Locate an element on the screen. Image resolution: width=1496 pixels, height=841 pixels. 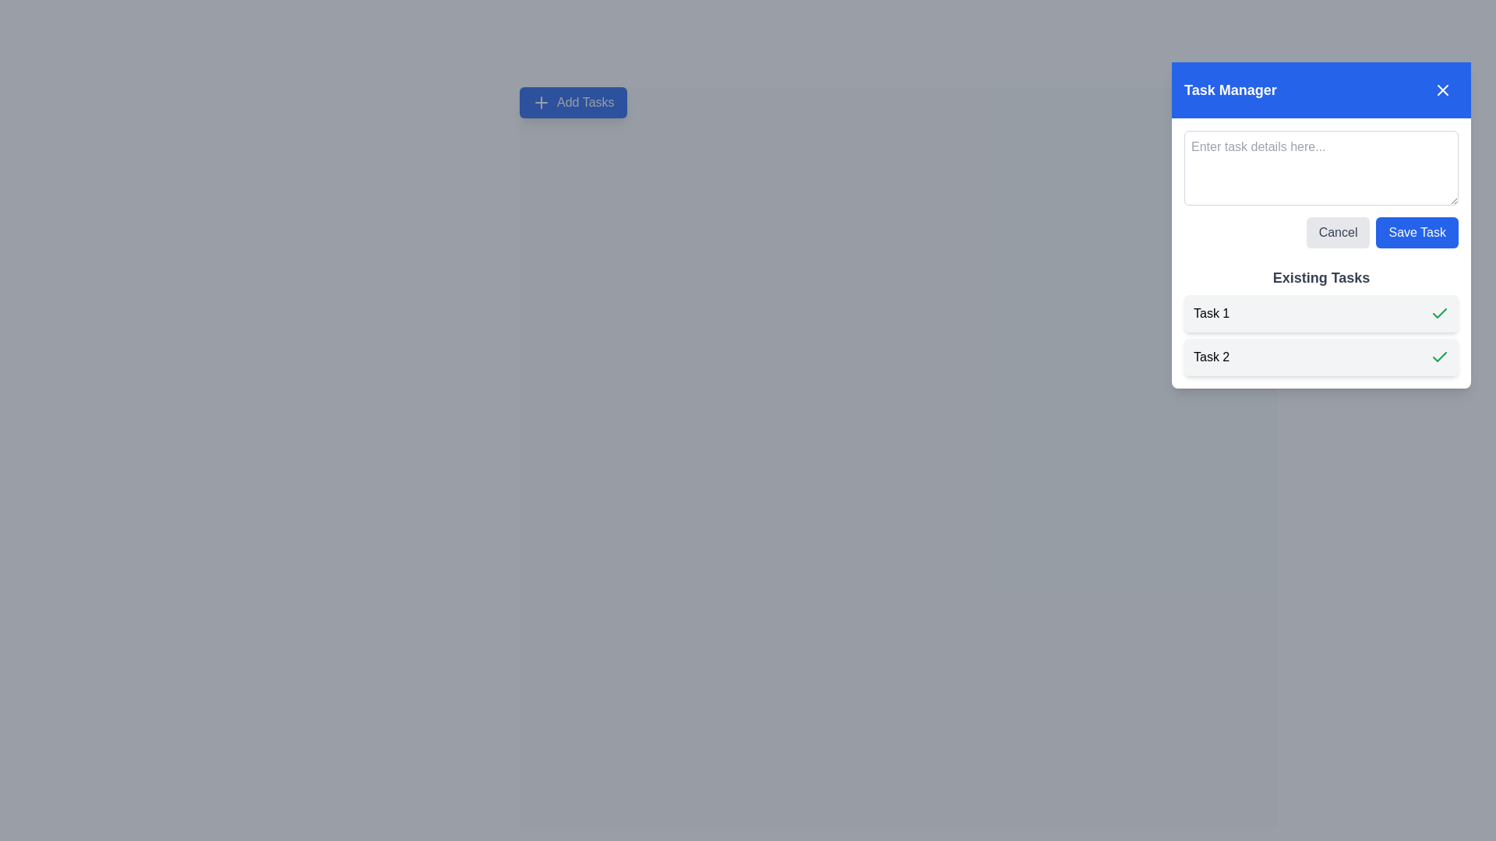
the checkmark icon representing the completion status of 'Task 2' in the 'Task Manager' panel, located next to the text label 'Task 2' is located at coordinates (1439, 312).